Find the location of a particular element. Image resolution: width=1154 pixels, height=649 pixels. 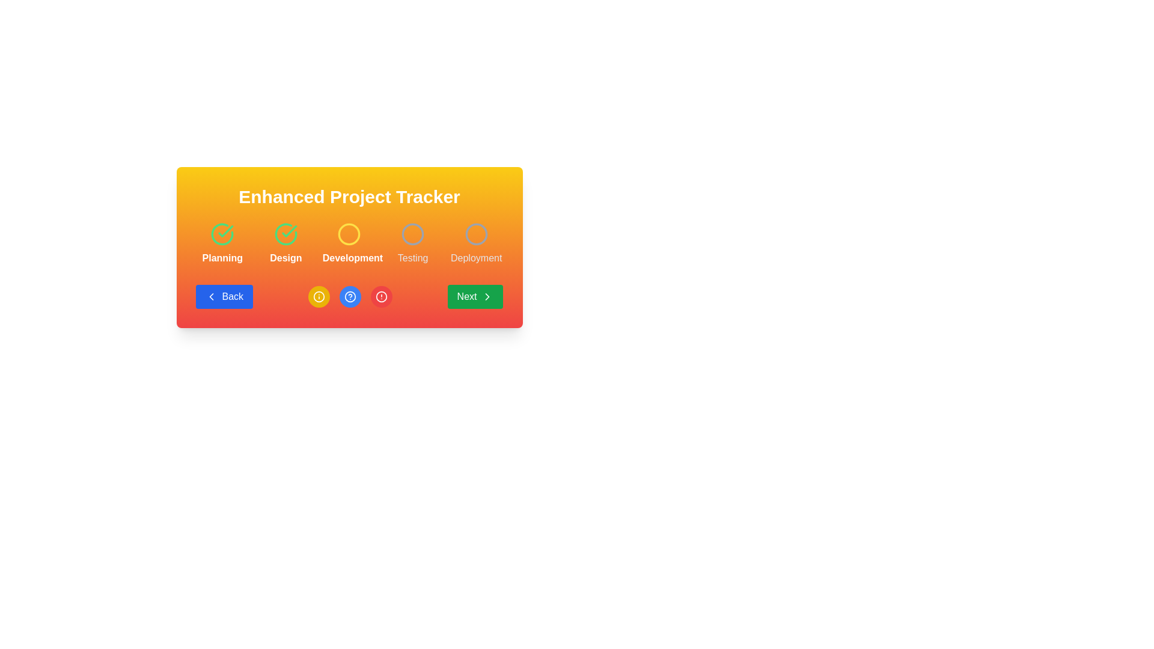

the 'Design' phase status icon with a green checkmark is located at coordinates (285, 243).